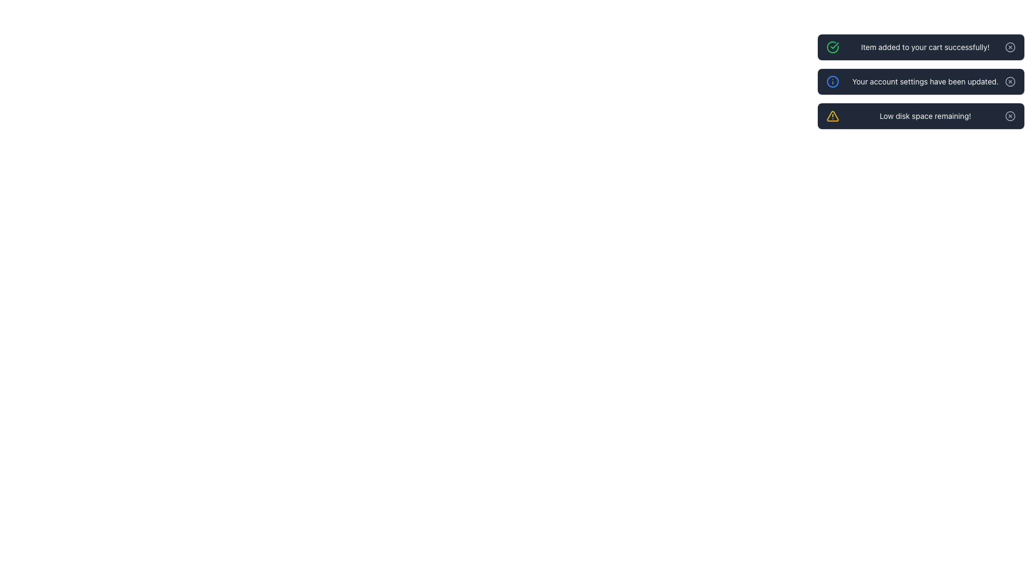  What do you see at coordinates (1009, 116) in the screenshot?
I see `the small circular button with an 'X' in the center, styled with a gray outline, located at the far right of the dark notification box labeled 'Low disk space remaining!'` at bounding box center [1009, 116].